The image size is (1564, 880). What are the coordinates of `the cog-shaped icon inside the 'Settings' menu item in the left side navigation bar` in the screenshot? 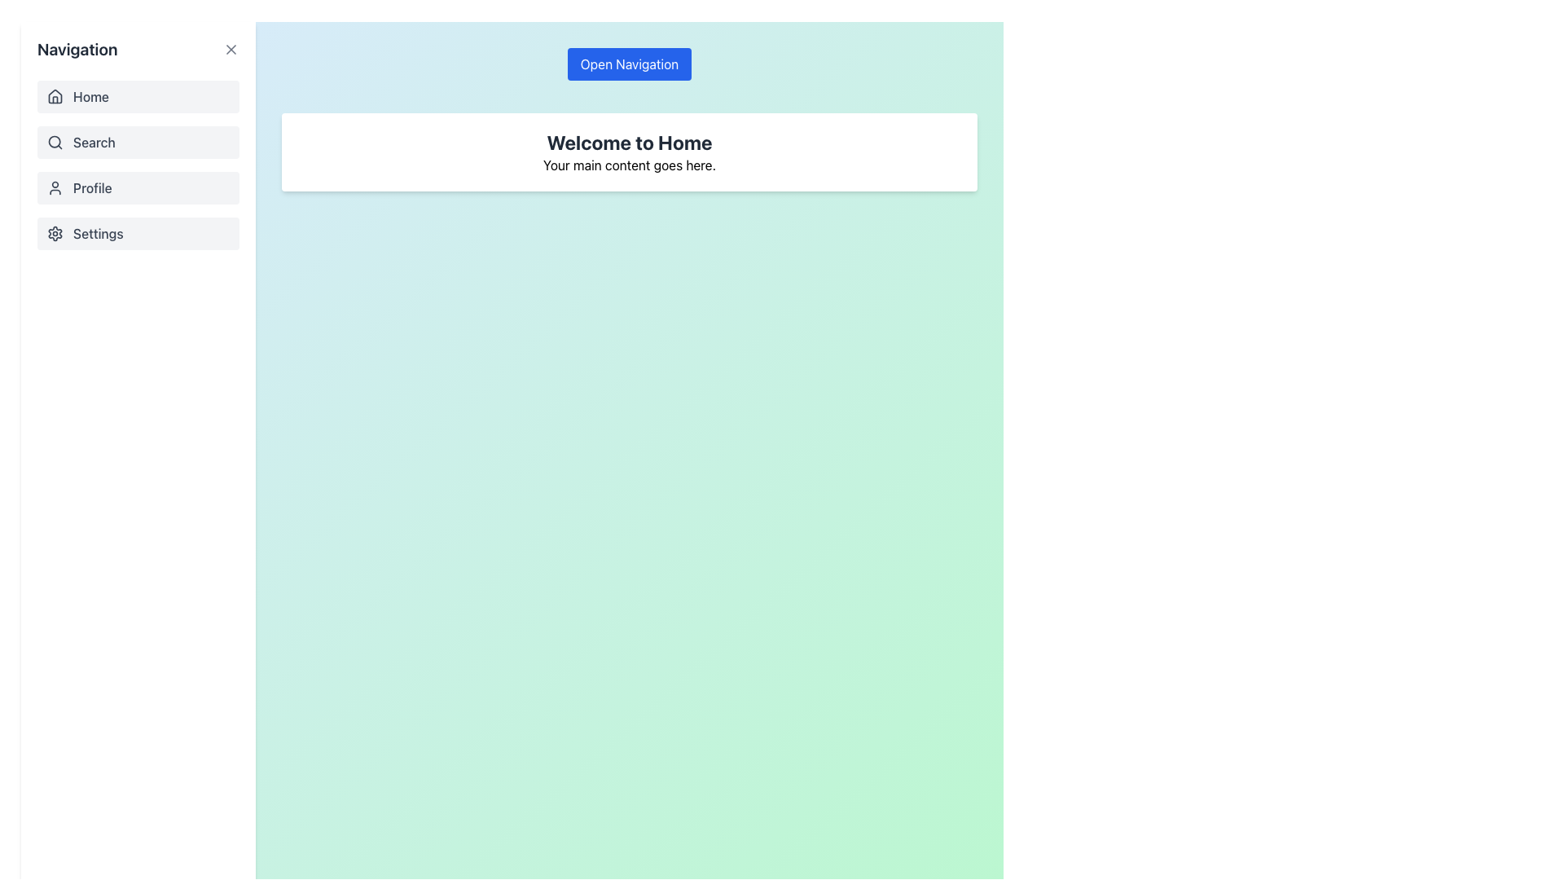 It's located at (55, 233).